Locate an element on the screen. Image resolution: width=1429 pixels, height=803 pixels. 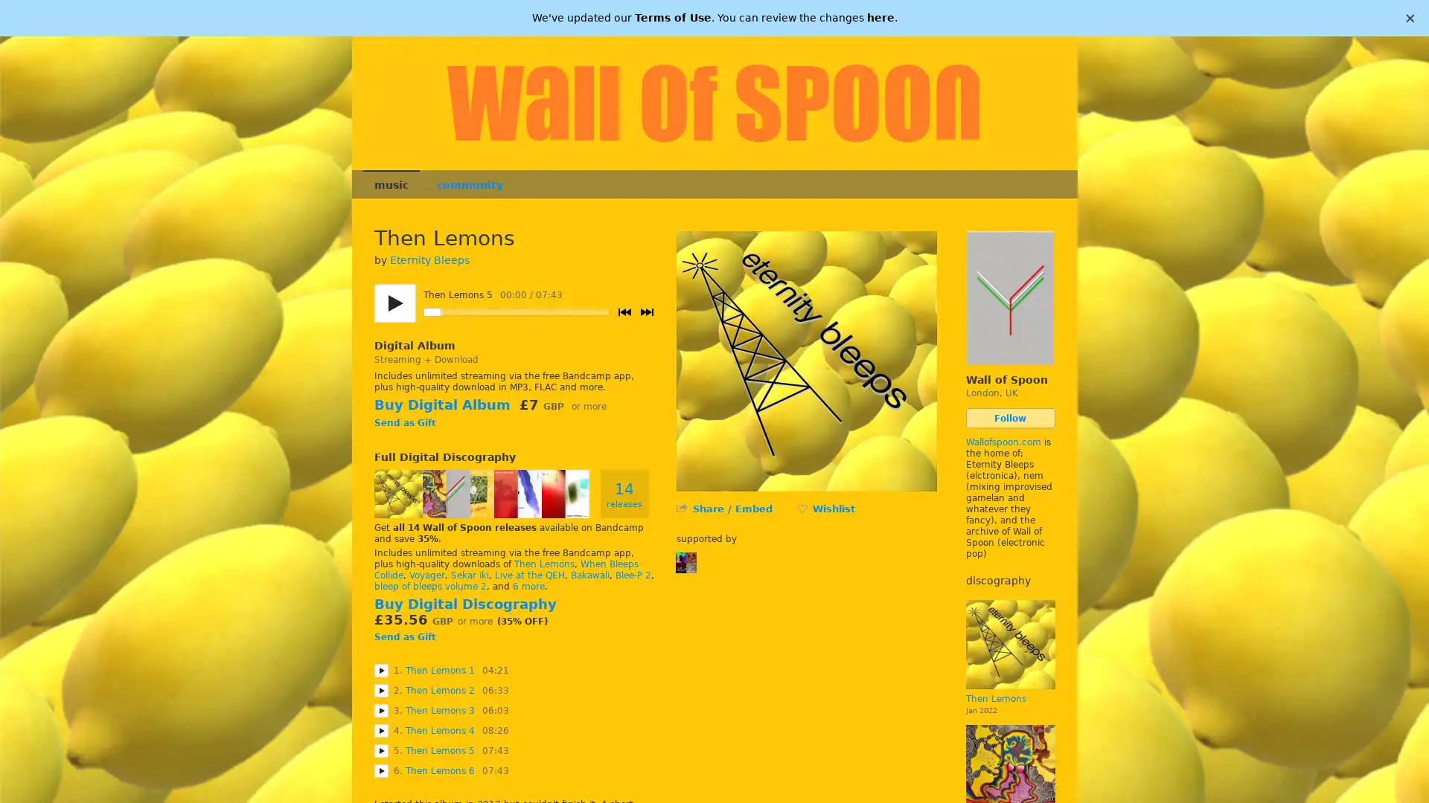
Follow is located at coordinates (1010, 418).